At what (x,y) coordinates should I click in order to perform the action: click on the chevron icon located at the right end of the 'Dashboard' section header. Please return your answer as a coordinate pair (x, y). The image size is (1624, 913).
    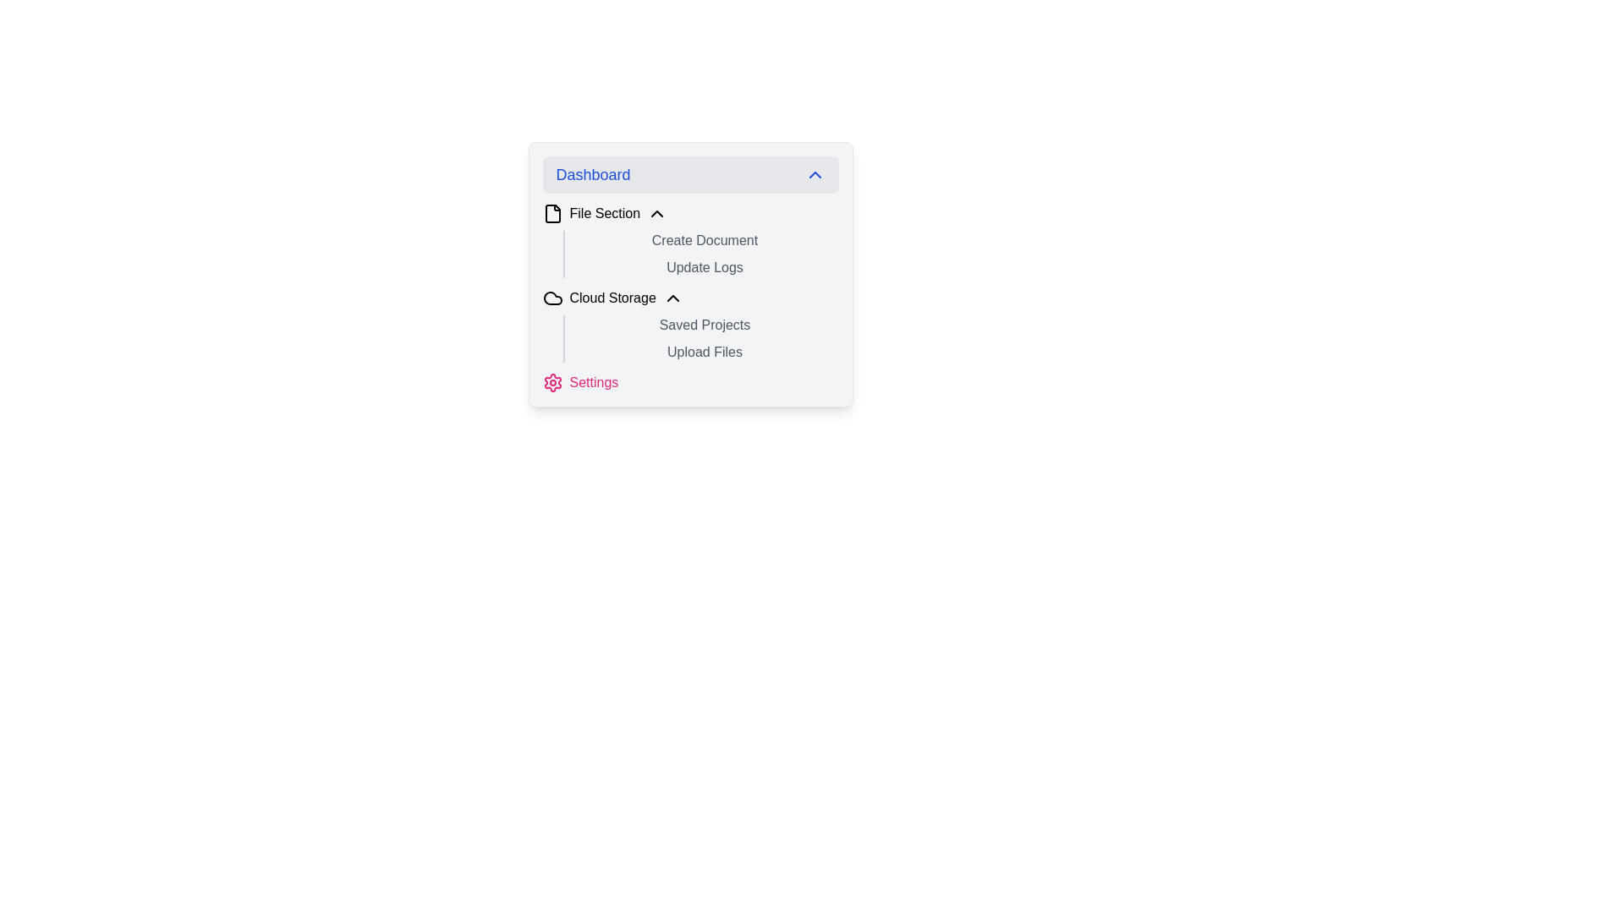
    Looking at the image, I should click on (815, 175).